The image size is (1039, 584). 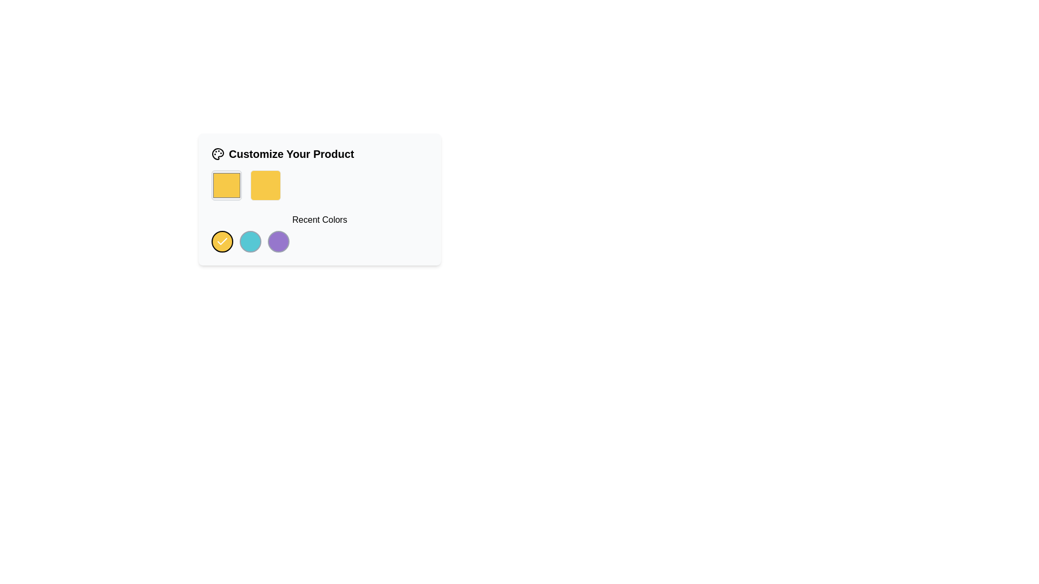 I want to click on the checkmark icon indicating selection of the yellow color in the 'Recent Colors' section under the 'Customize Your Product' panel, so click(x=222, y=241).